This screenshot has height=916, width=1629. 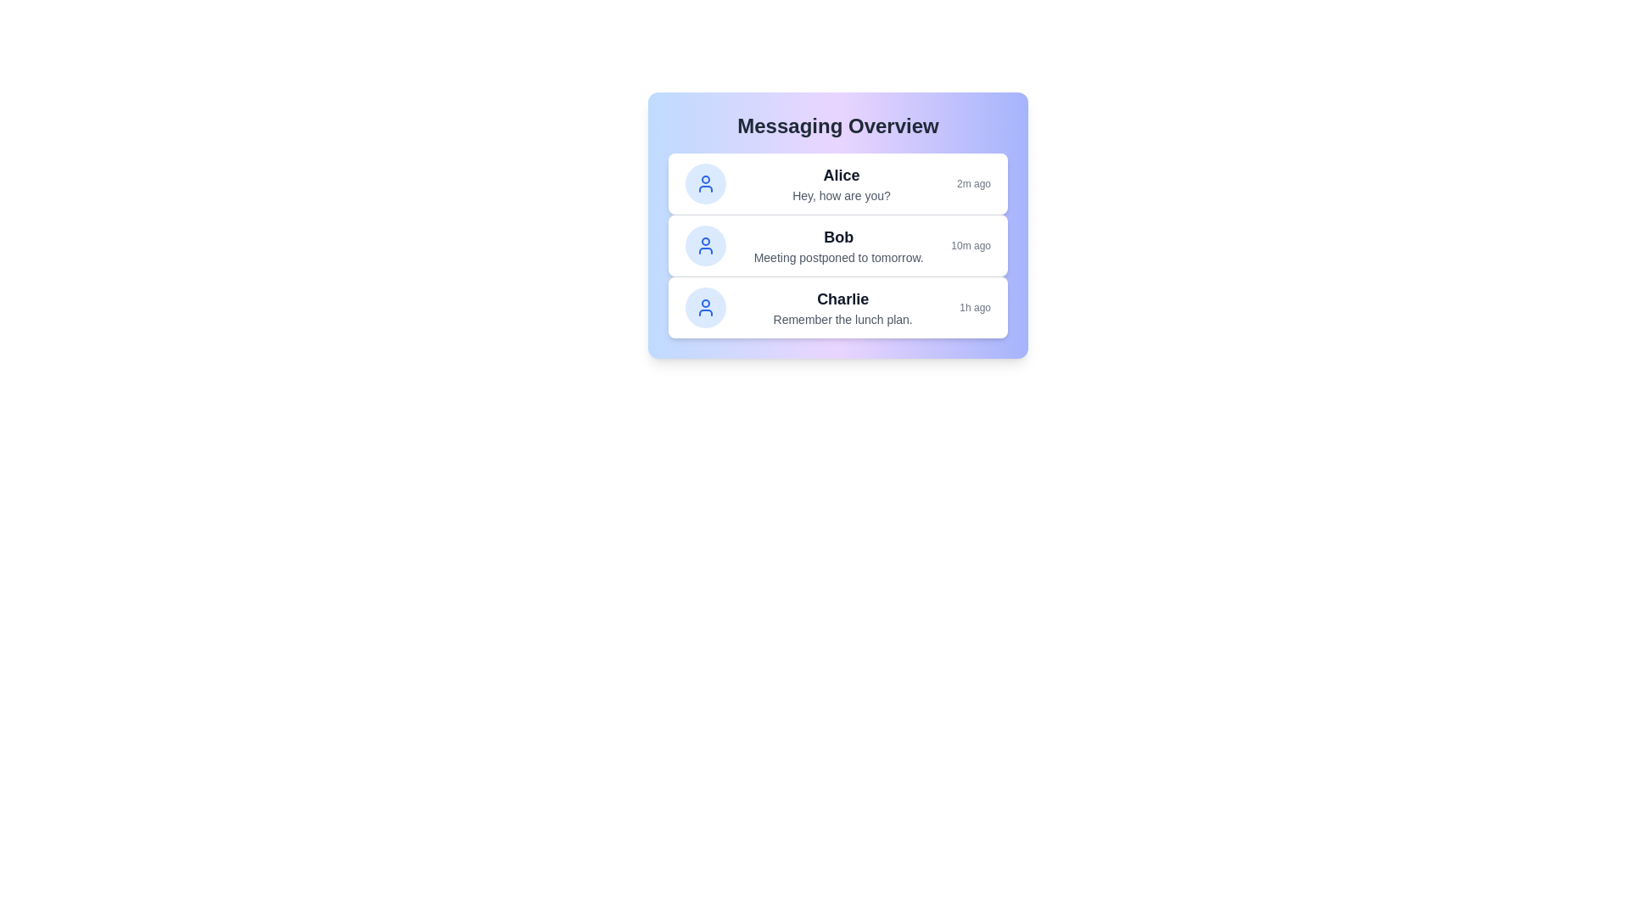 I want to click on the avatar of Charlie to inspect it, so click(x=705, y=307).